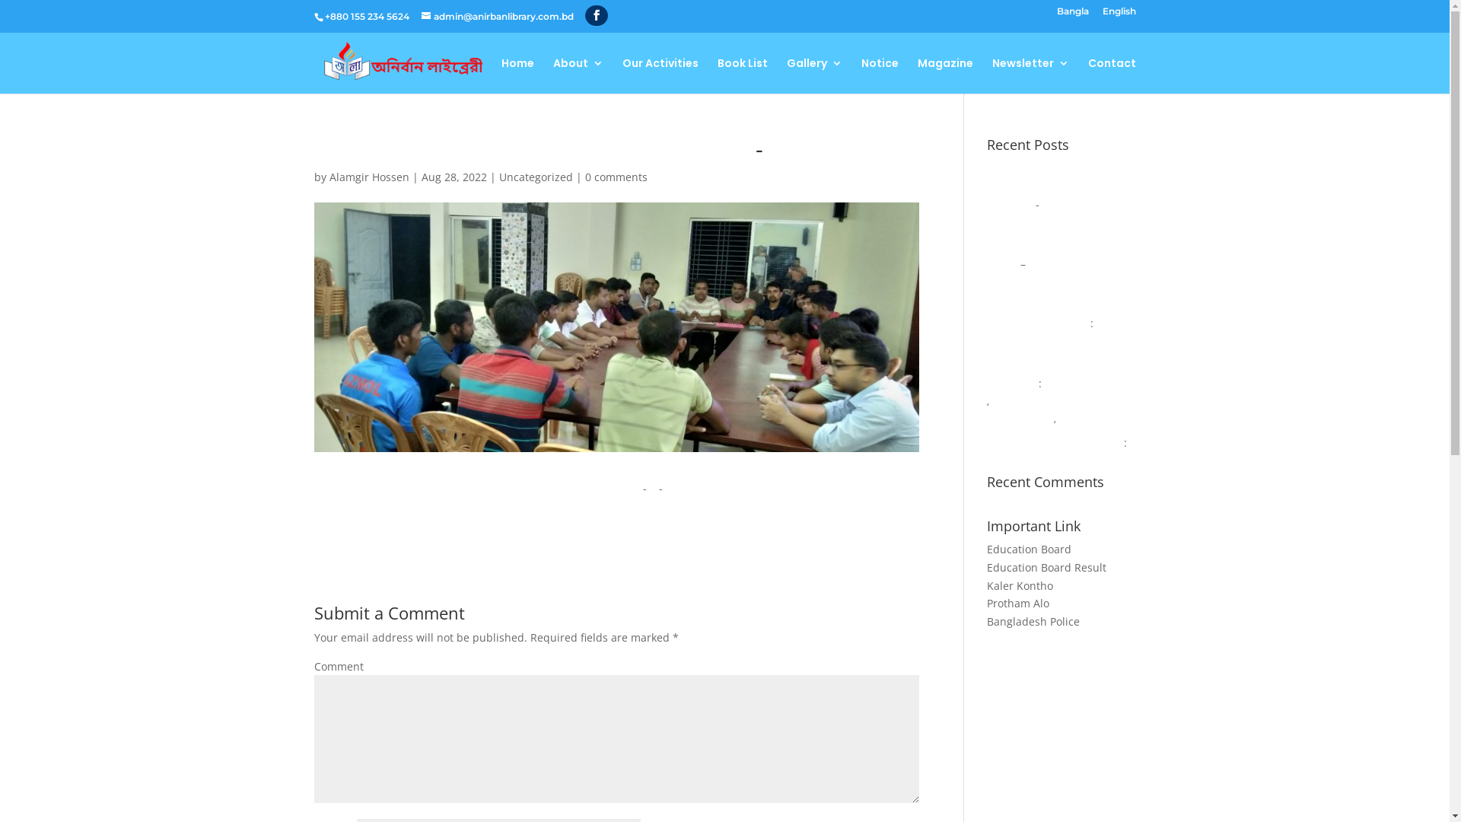 Image resolution: width=1461 pixels, height=822 pixels. I want to click on 'Alamgir Hossen', so click(328, 176).